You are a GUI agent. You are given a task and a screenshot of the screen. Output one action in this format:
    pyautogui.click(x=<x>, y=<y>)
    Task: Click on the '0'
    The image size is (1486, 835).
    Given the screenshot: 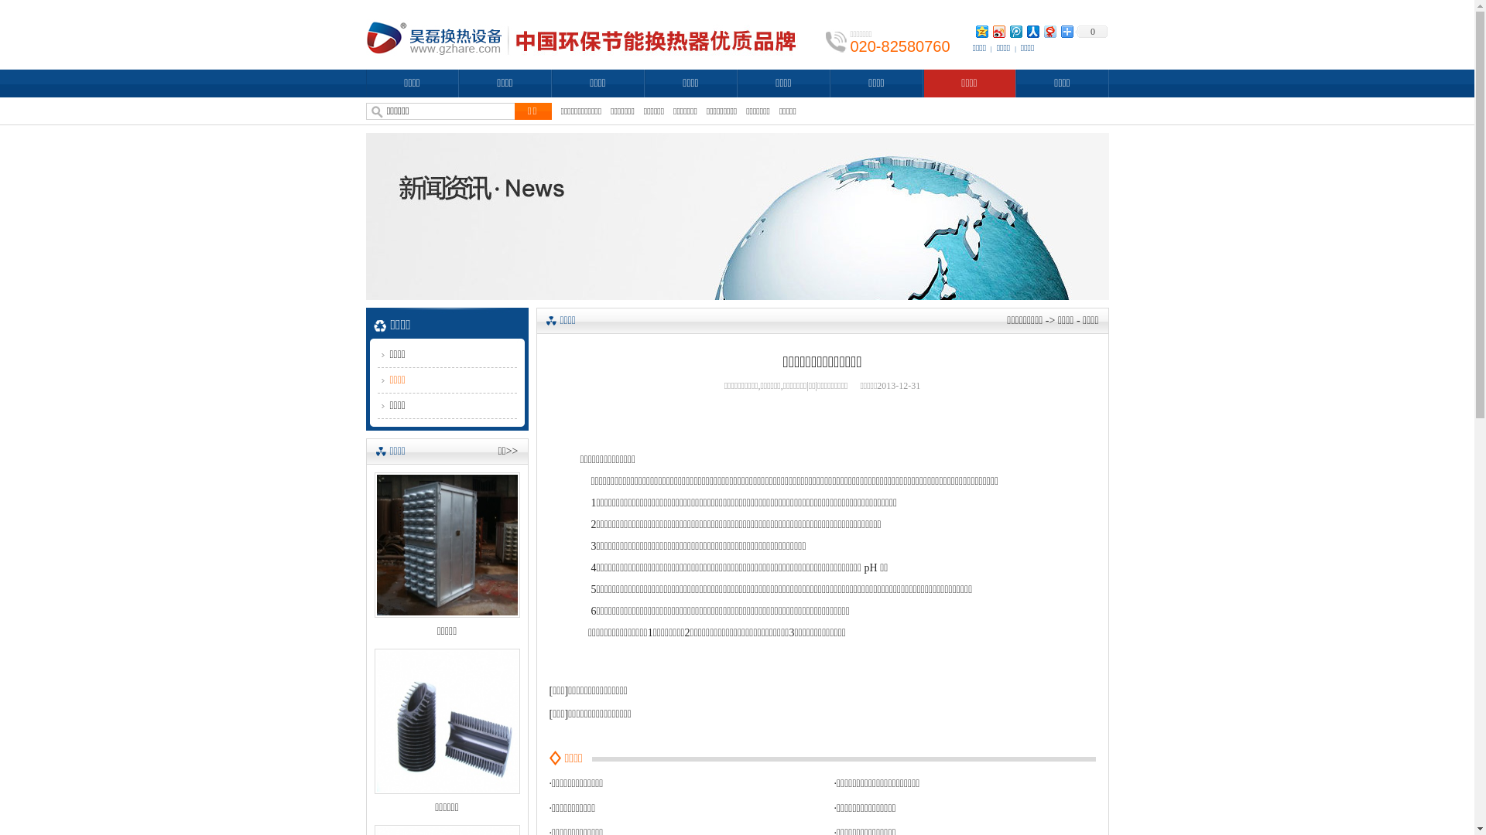 What is the action you would take?
    pyautogui.click(x=1090, y=32)
    